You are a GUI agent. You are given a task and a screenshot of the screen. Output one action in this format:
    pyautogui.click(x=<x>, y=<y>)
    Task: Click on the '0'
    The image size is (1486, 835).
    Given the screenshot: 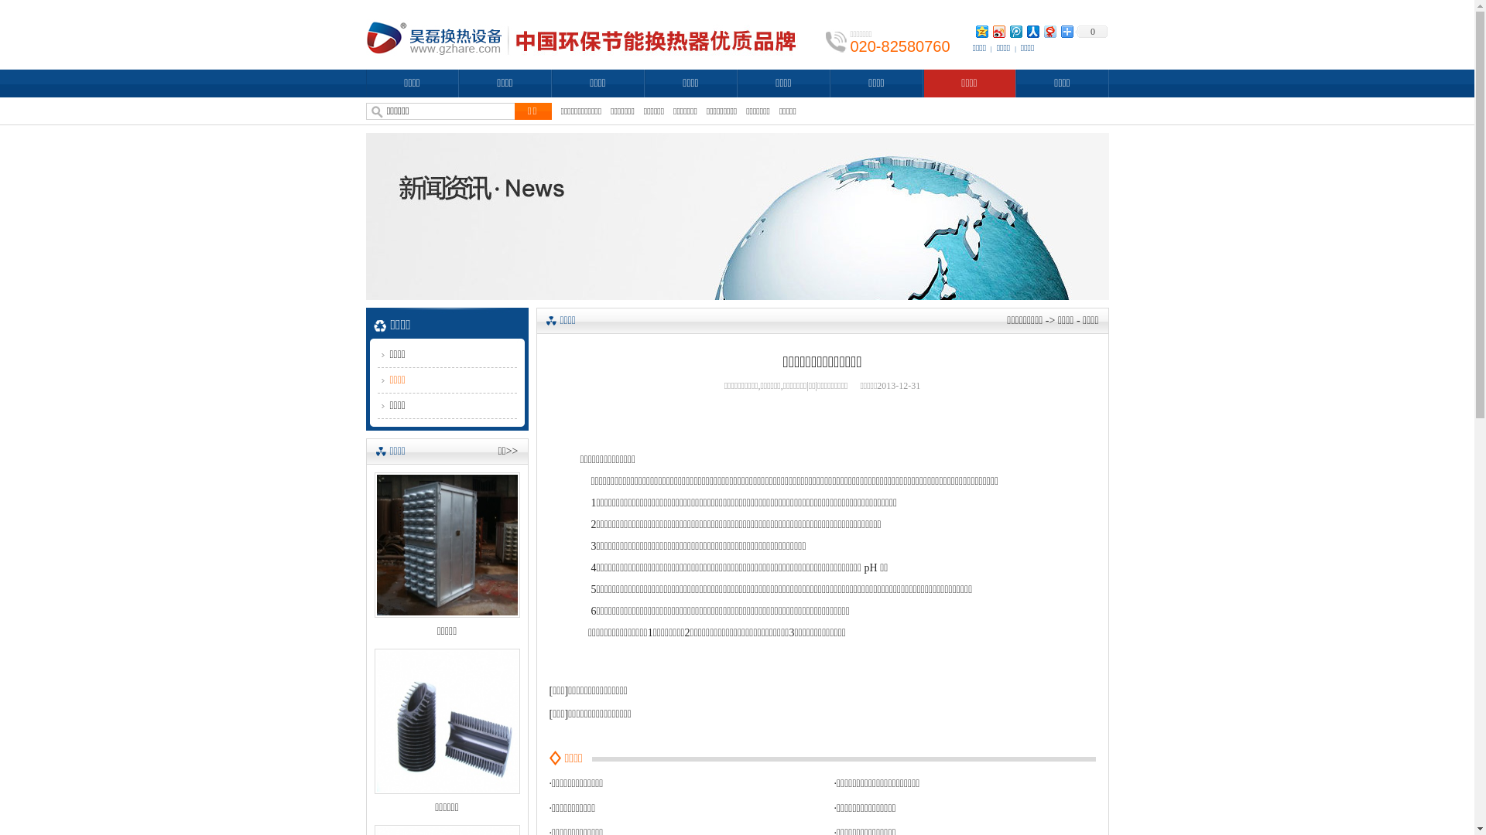 What is the action you would take?
    pyautogui.click(x=1090, y=32)
    